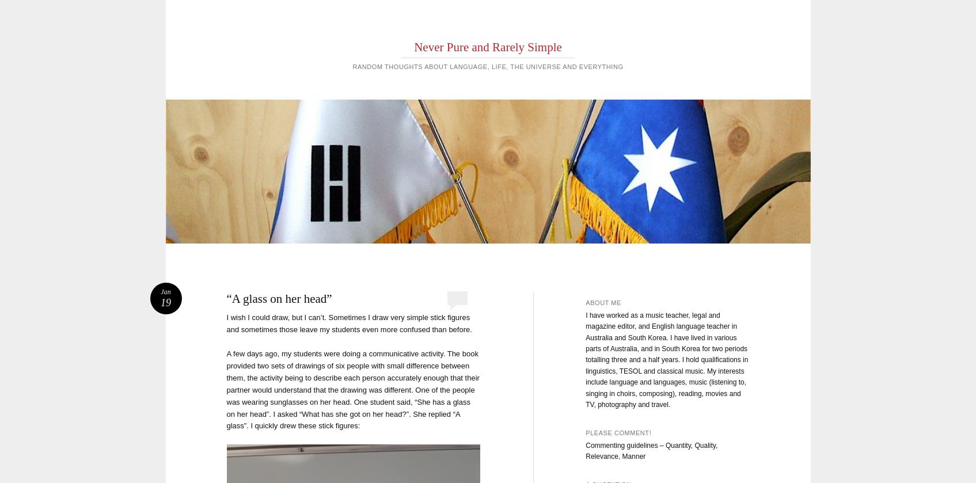 This screenshot has width=976, height=483. I want to click on 'Commenting guidelines – Quantity, Quality, Relevance, Manner', so click(651, 450).